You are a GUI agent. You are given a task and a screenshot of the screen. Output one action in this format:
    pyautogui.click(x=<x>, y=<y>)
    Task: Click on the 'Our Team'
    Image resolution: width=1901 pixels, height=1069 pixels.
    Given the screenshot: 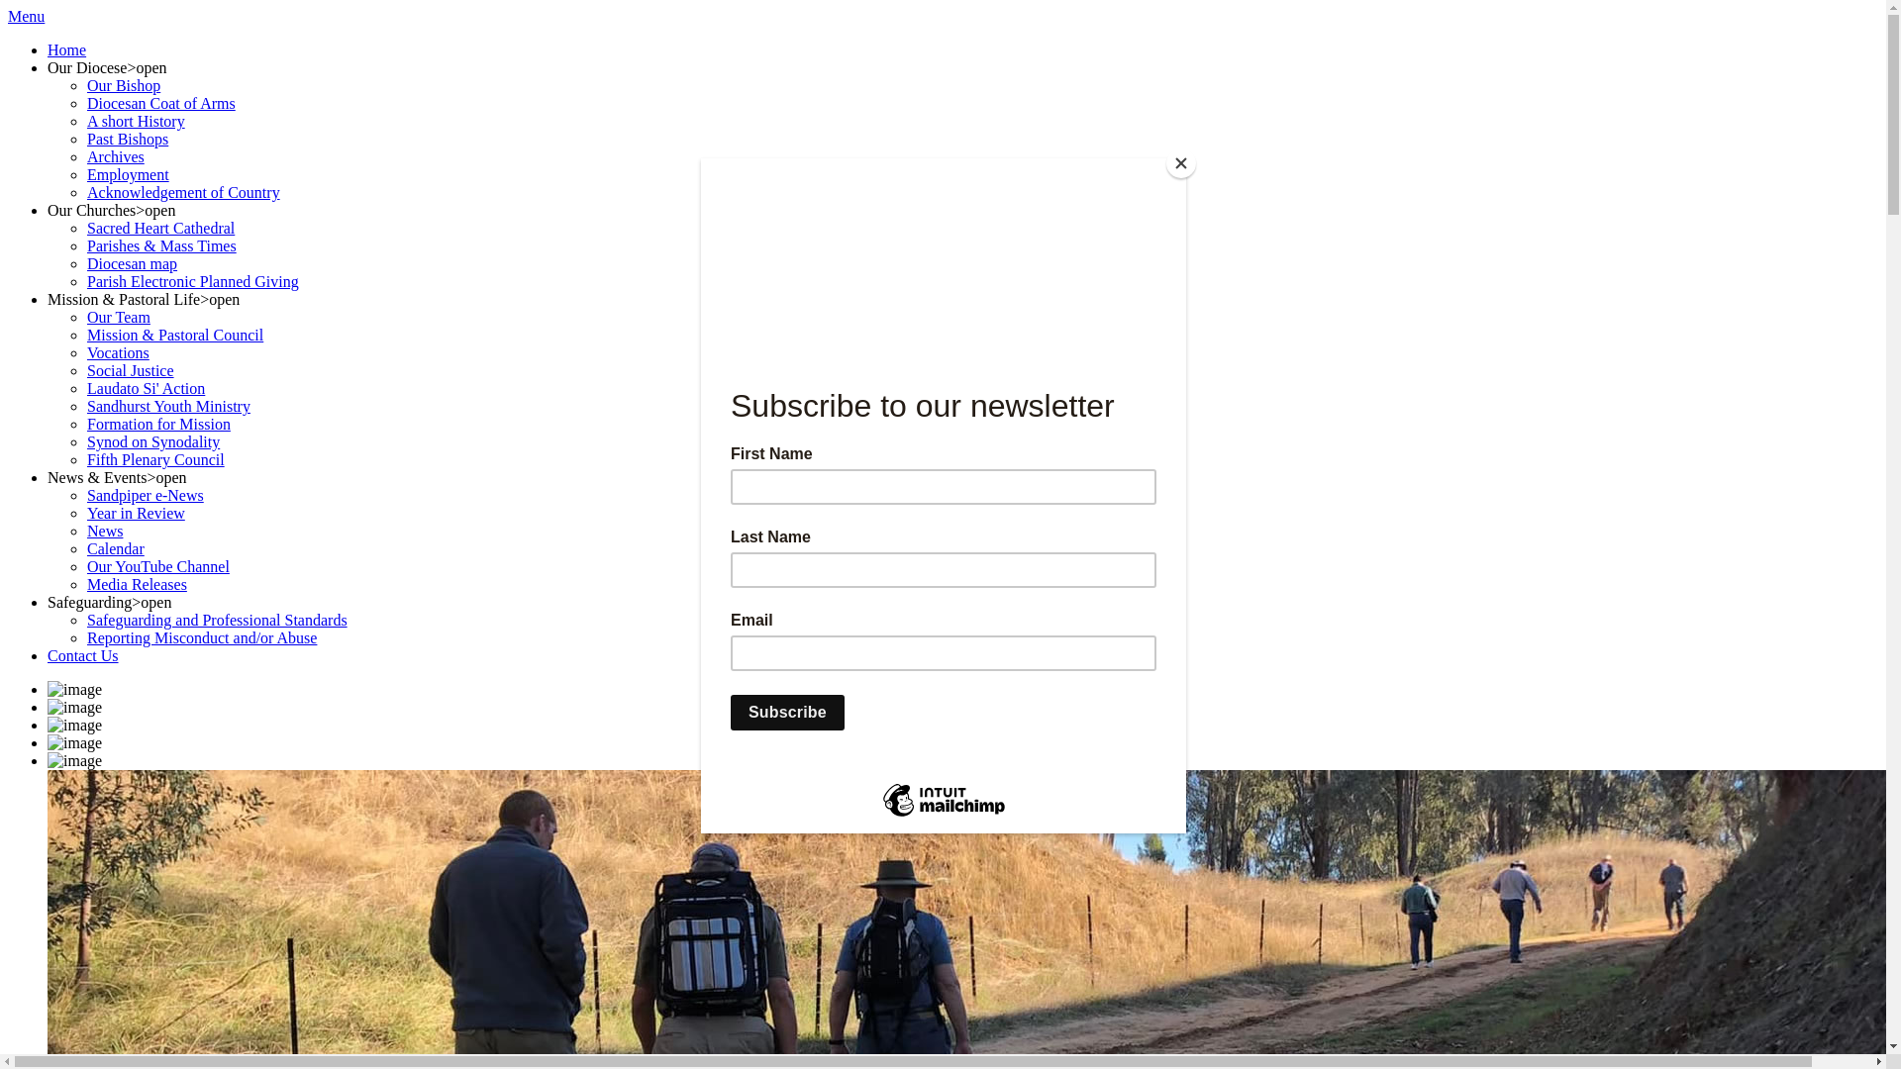 What is the action you would take?
    pyautogui.click(x=118, y=316)
    